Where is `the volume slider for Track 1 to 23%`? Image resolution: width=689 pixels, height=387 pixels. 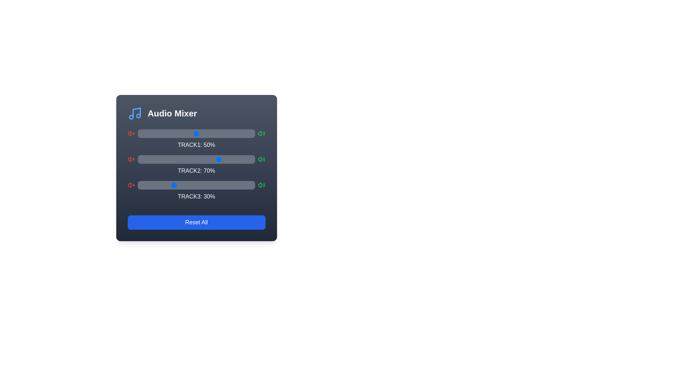 the volume slider for Track 1 to 23% is located at coordinates (164, 134).